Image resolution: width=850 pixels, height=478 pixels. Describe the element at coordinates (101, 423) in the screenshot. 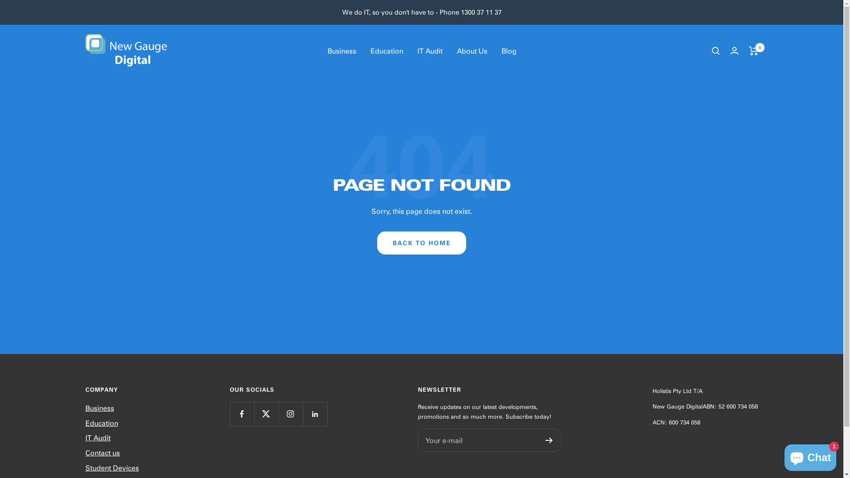

I see `'Education'` at that location.